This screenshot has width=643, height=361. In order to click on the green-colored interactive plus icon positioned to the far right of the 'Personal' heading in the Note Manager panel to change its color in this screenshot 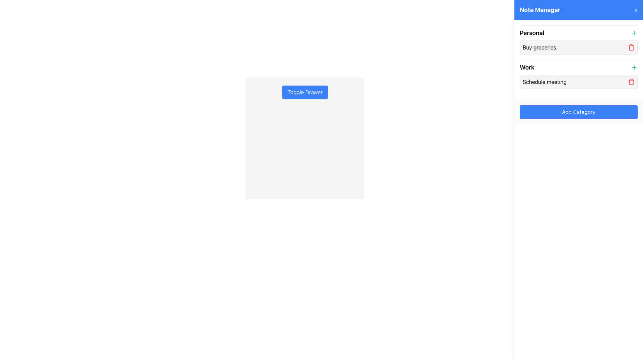, I will do `click(634, 33)`.